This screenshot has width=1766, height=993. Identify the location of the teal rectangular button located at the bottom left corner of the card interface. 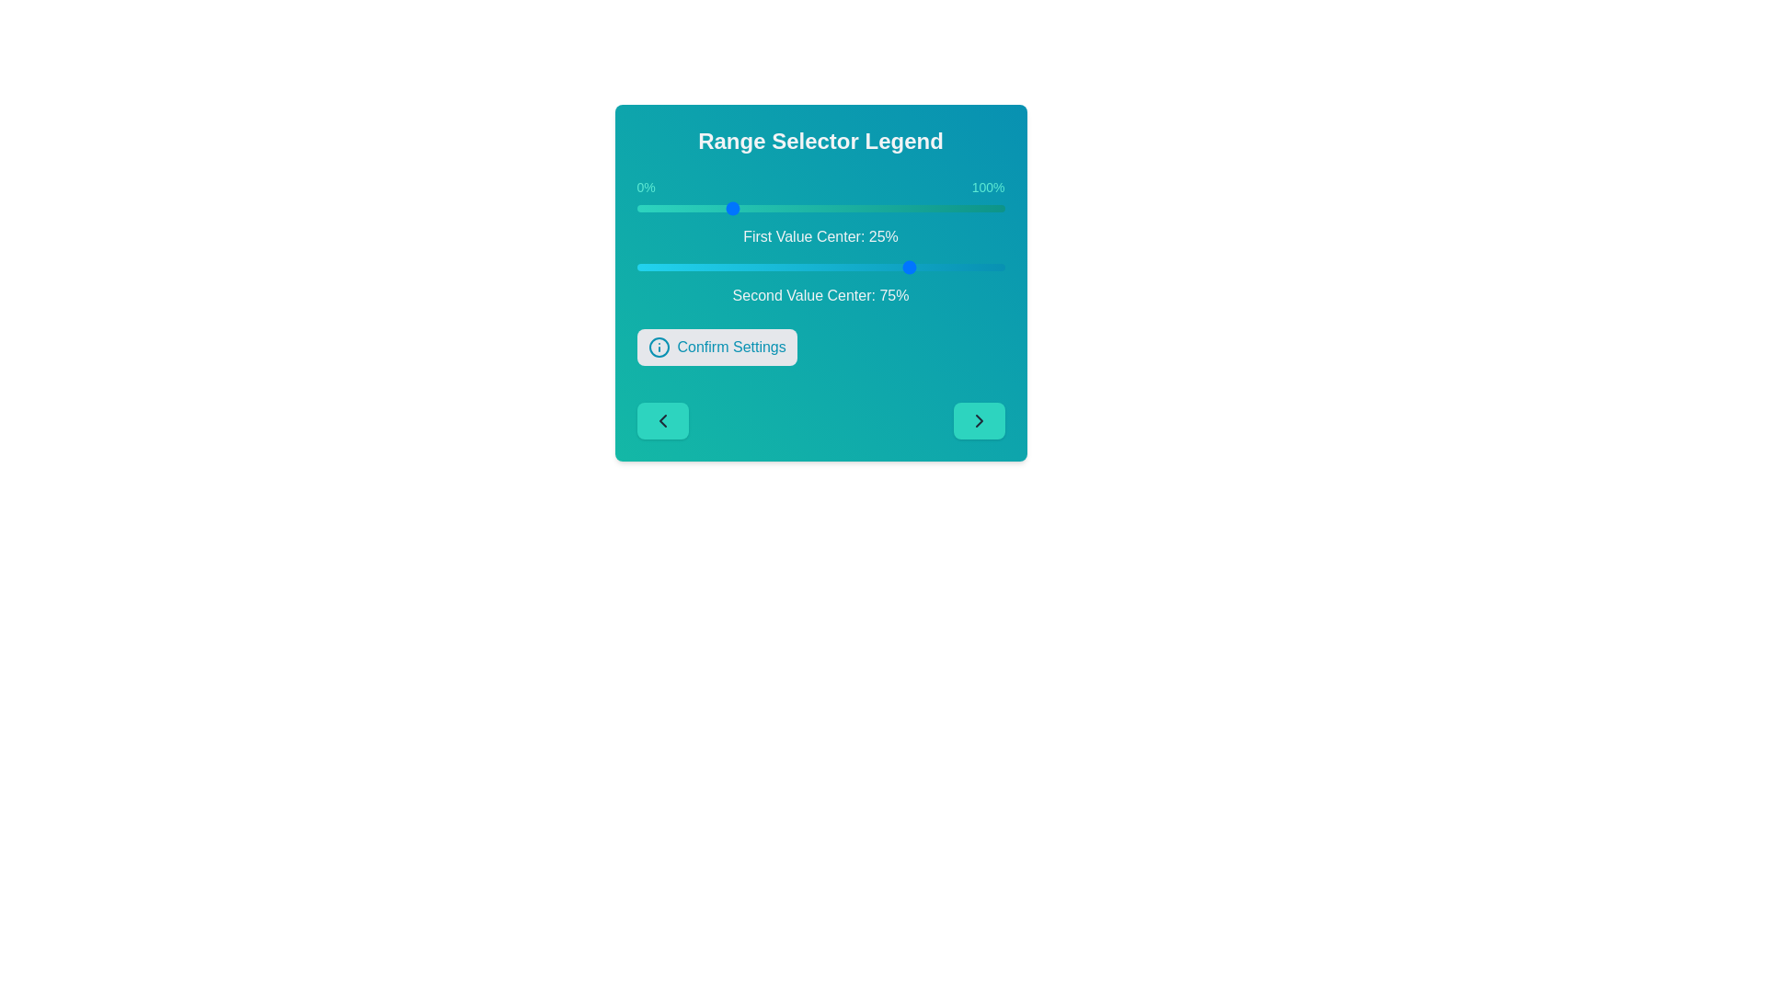
(662, 421).